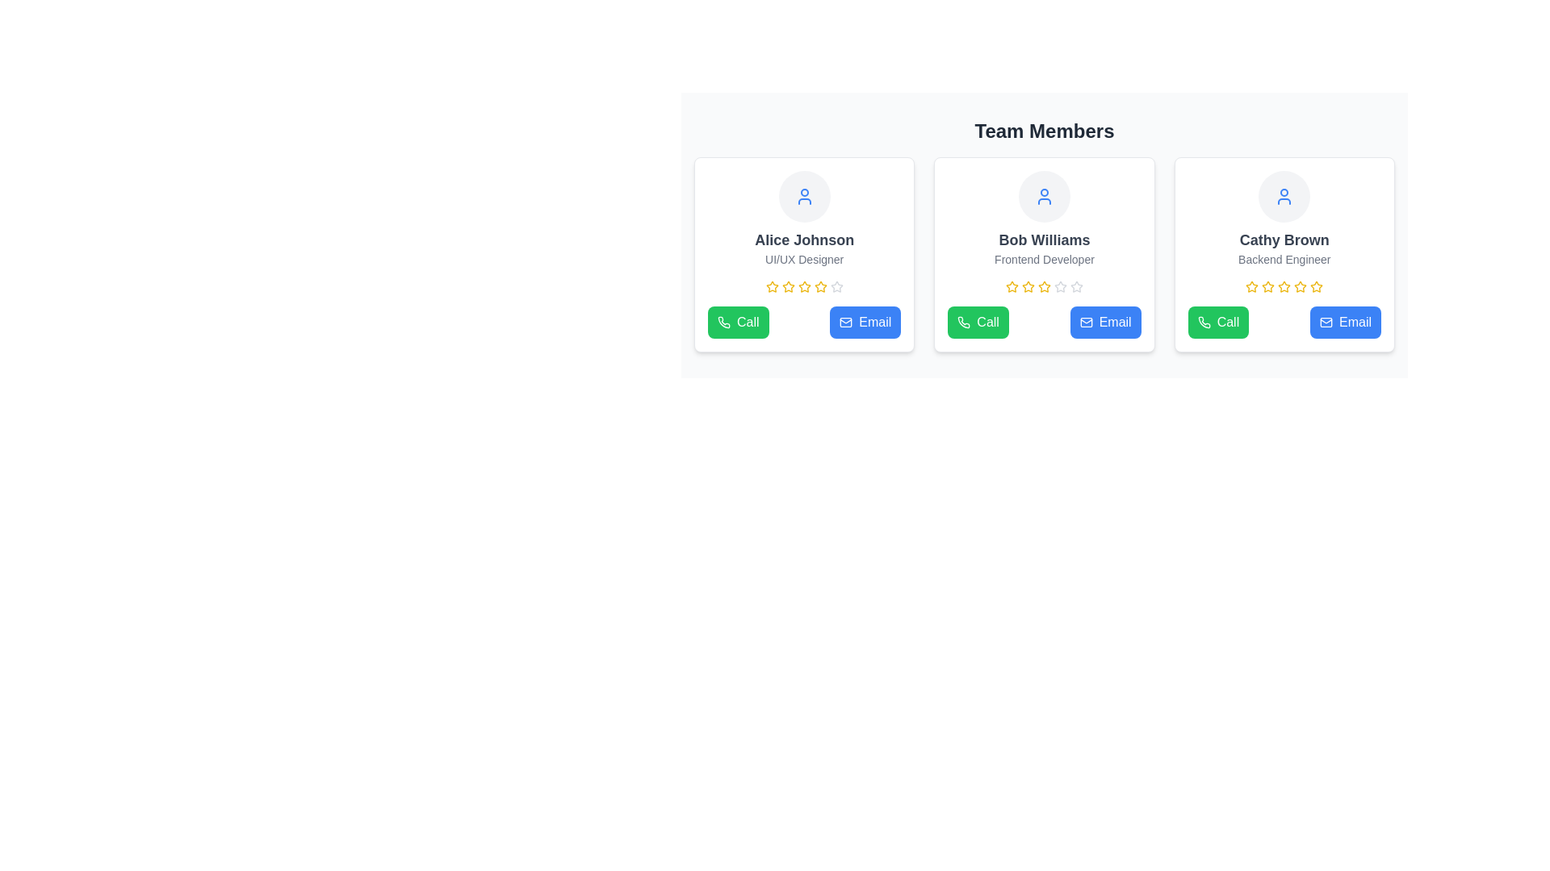  What do you see at coordinates (1267, 285) in the screenshot?
I see `the rating represented by the second star icon, which is yellow and located beneath the profile of 'Cathy Brown' in the team member section` at bounding box center [1267, 285].